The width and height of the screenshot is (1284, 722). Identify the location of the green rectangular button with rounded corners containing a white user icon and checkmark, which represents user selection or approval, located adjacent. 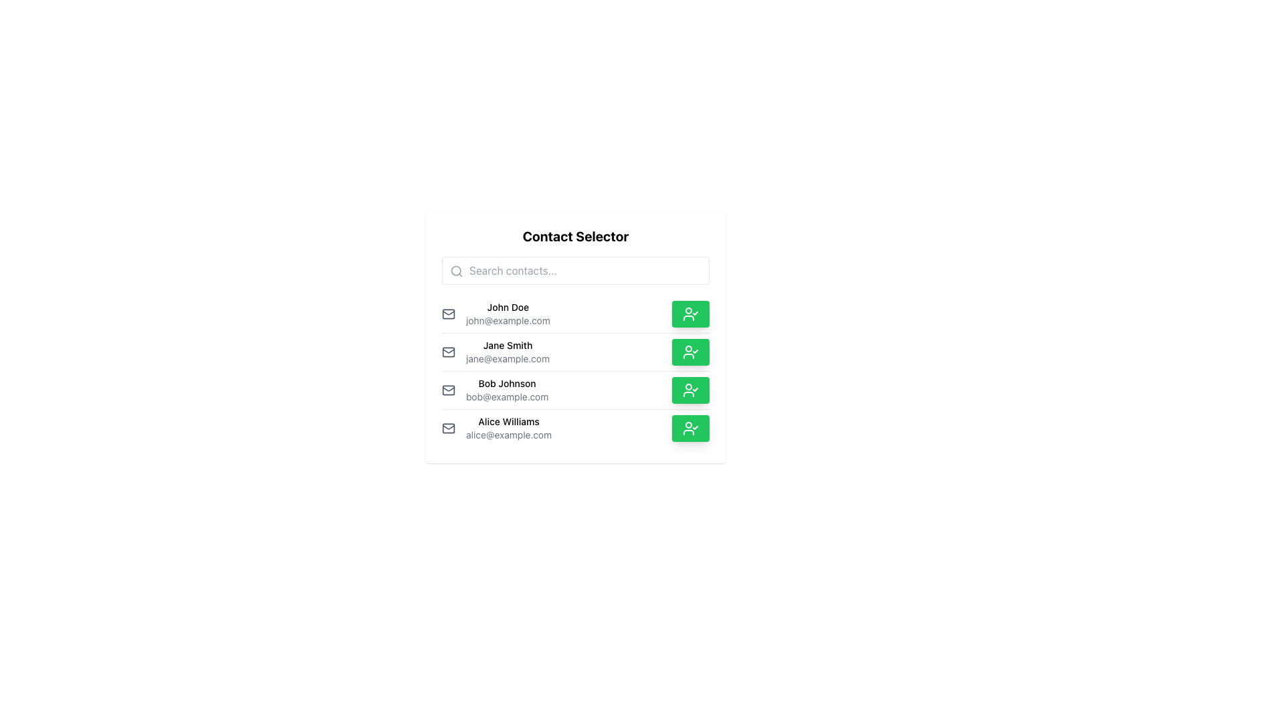
(690, 314).